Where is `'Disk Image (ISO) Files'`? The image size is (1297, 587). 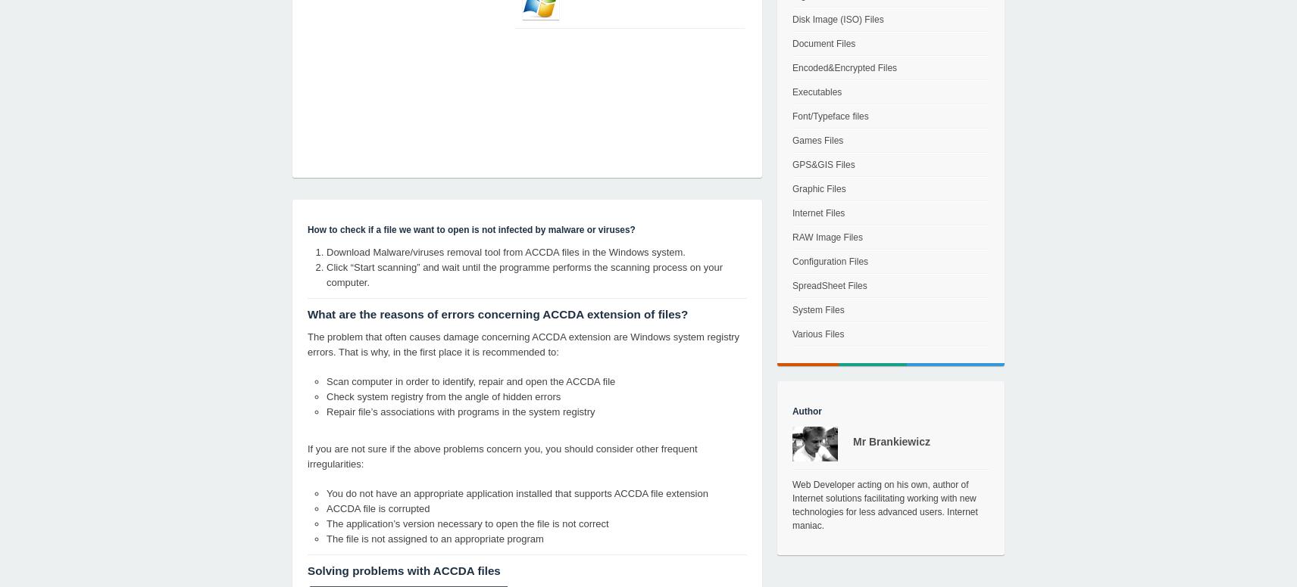
'Disk Image (ISO) Files' is located at coordinates (837, 19).